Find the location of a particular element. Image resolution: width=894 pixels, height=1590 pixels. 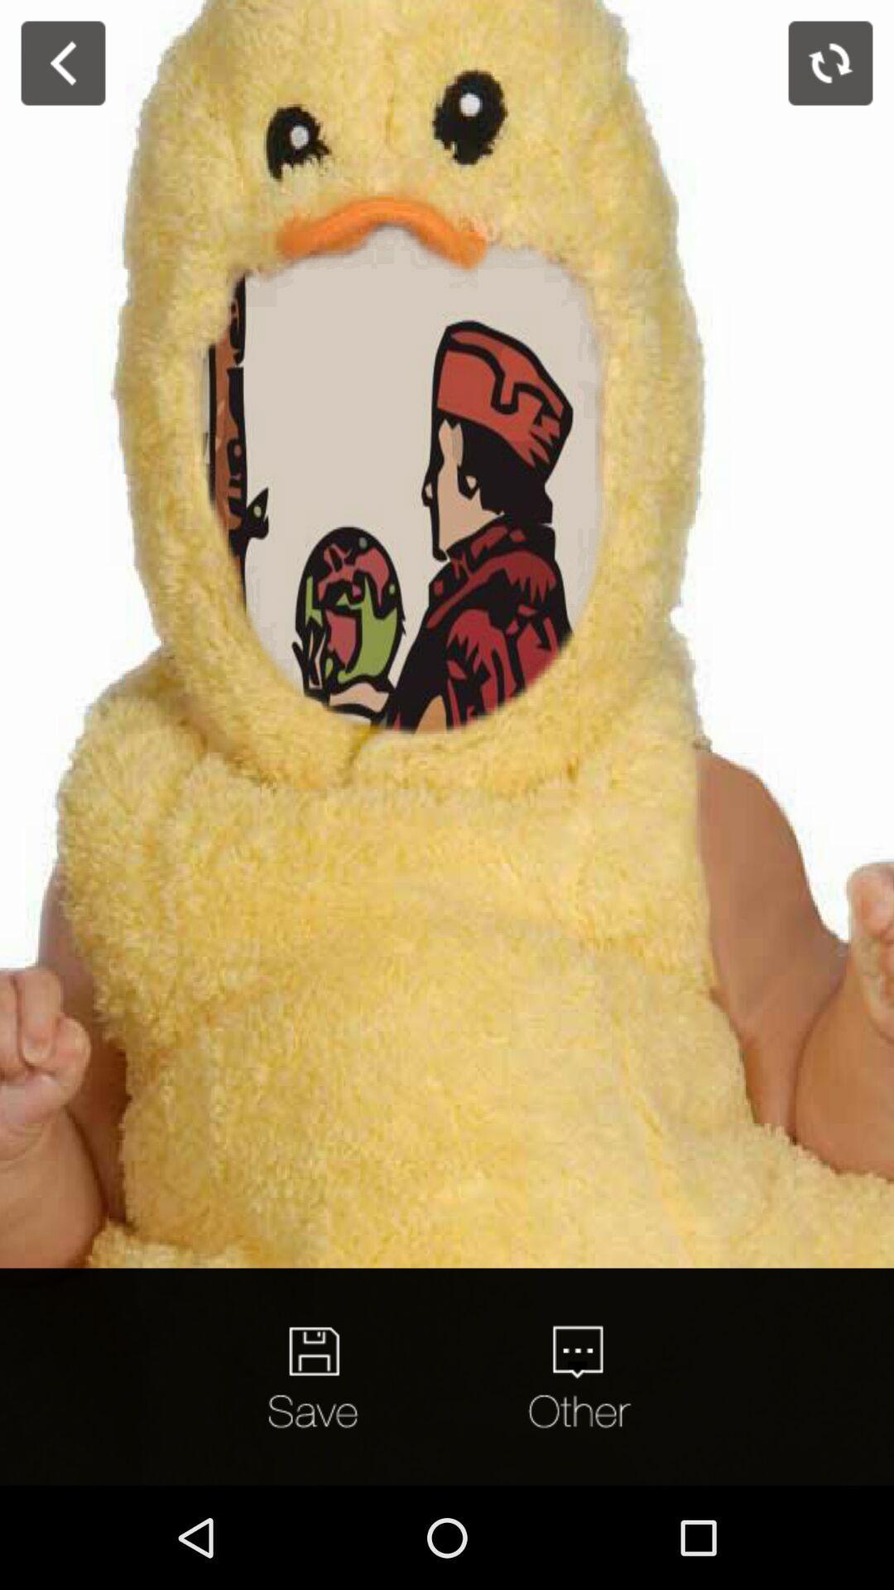

quote is located at coordinates (576, 1376).